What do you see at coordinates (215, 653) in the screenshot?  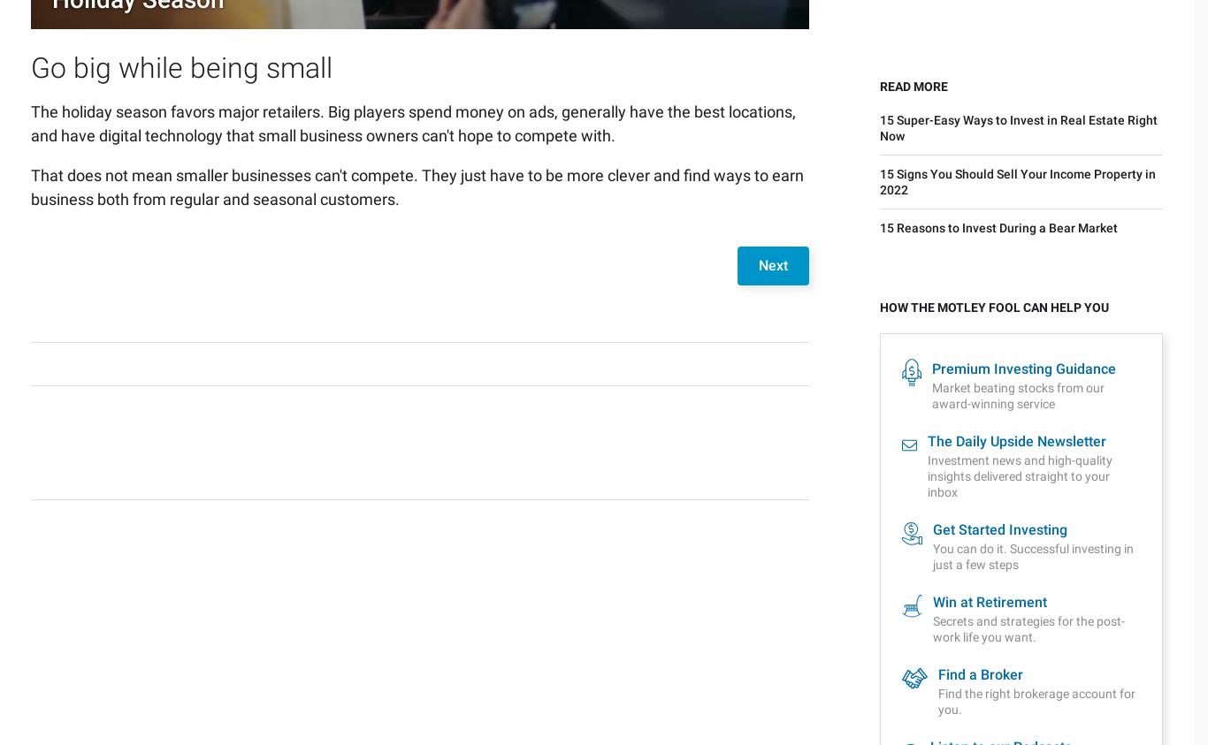 I see `'Invest better with The Motley Fool. Get stock recommendations, portfolio guidance, and more from The Motley Fool's premium services.'` at bounding box center [215, 653].